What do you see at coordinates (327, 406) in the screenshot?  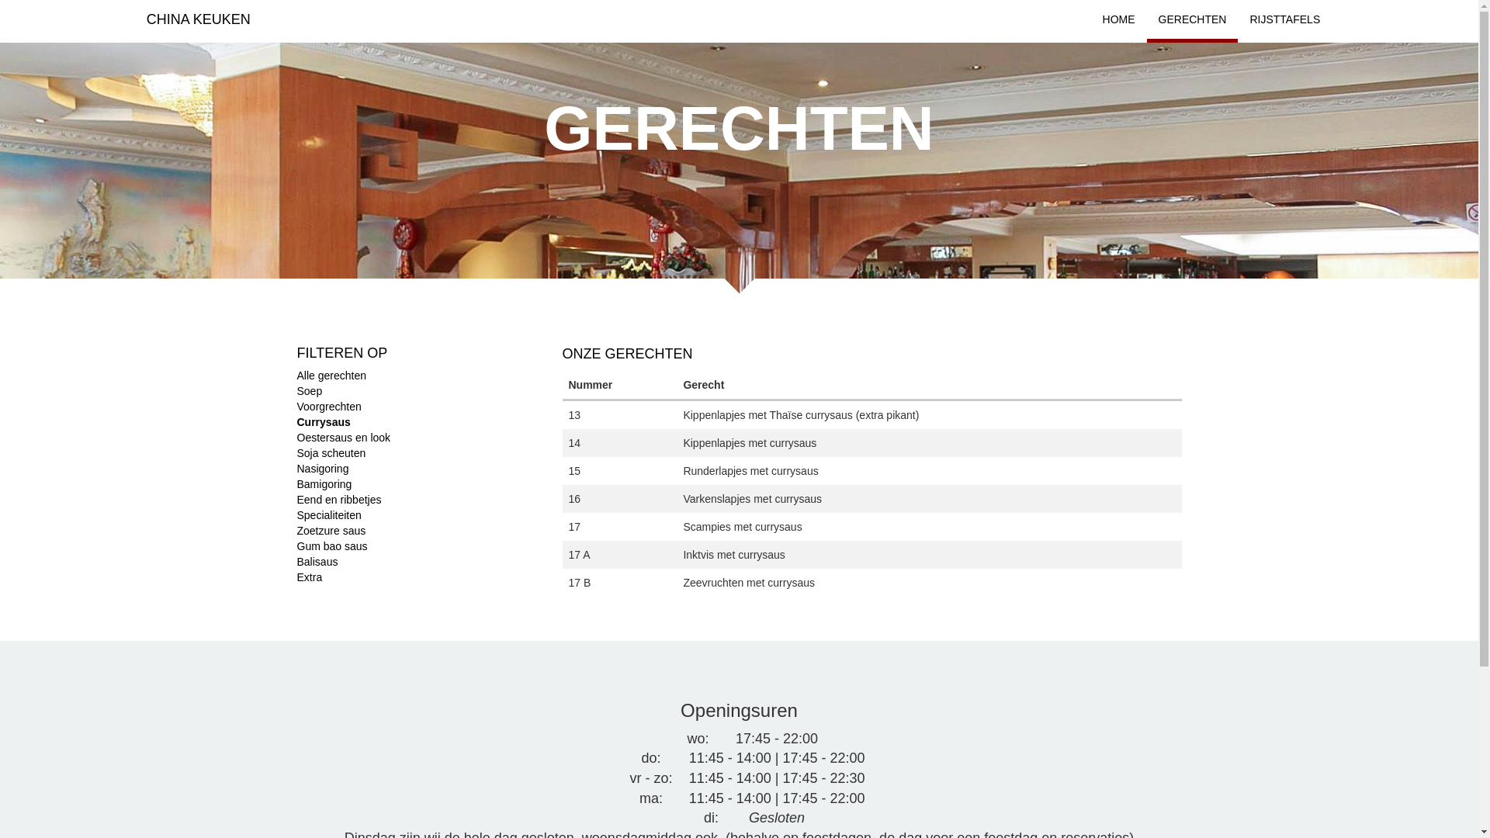 I see `'Voorgrechten'` at bounding box center [327, 406].